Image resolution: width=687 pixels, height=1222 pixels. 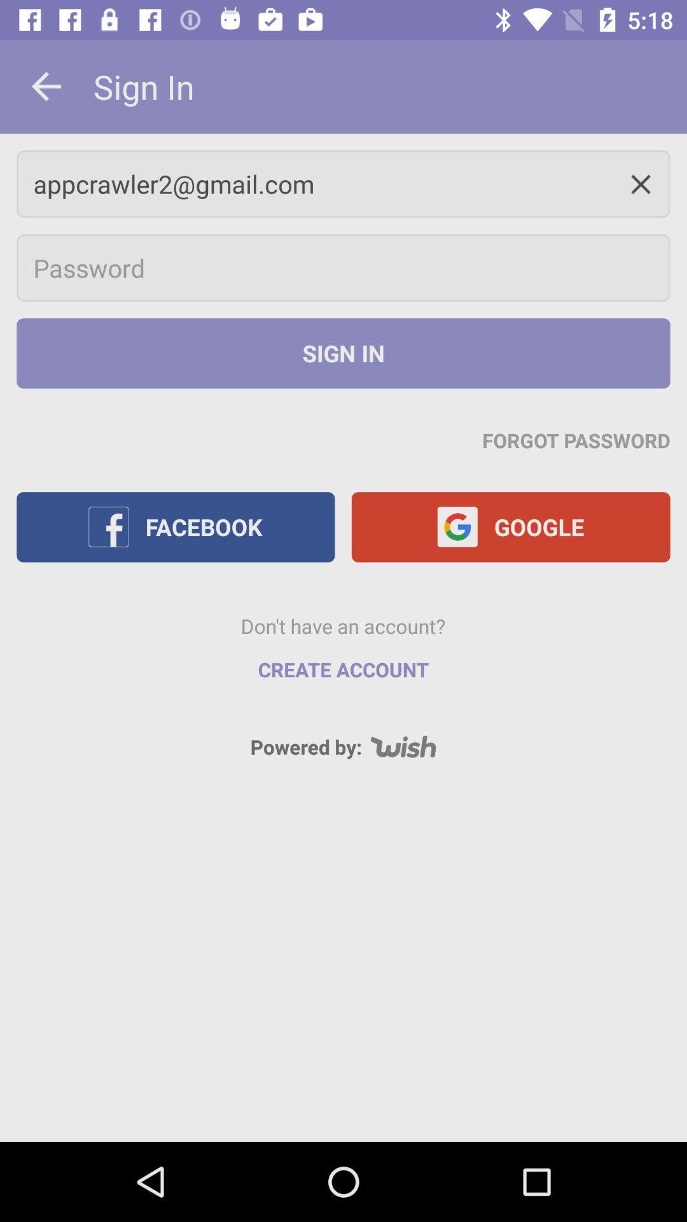 I want to click on the icon to the left of sign in icon, so click(x=46, y=86).